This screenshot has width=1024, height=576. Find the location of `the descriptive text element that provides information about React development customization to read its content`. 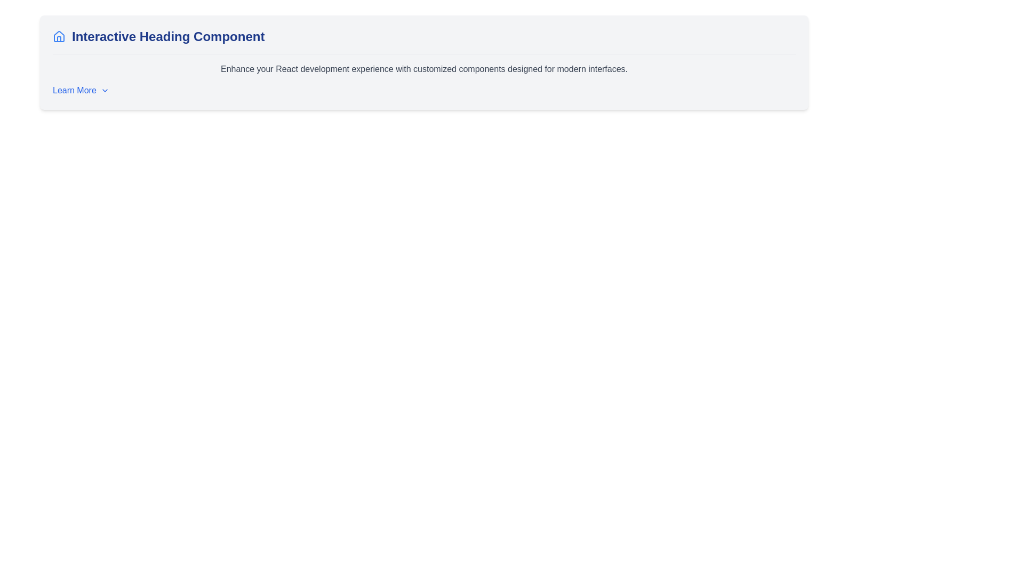

the descriptive text element that provides information about React development customization to read its content is located at coordinates (423, 69).